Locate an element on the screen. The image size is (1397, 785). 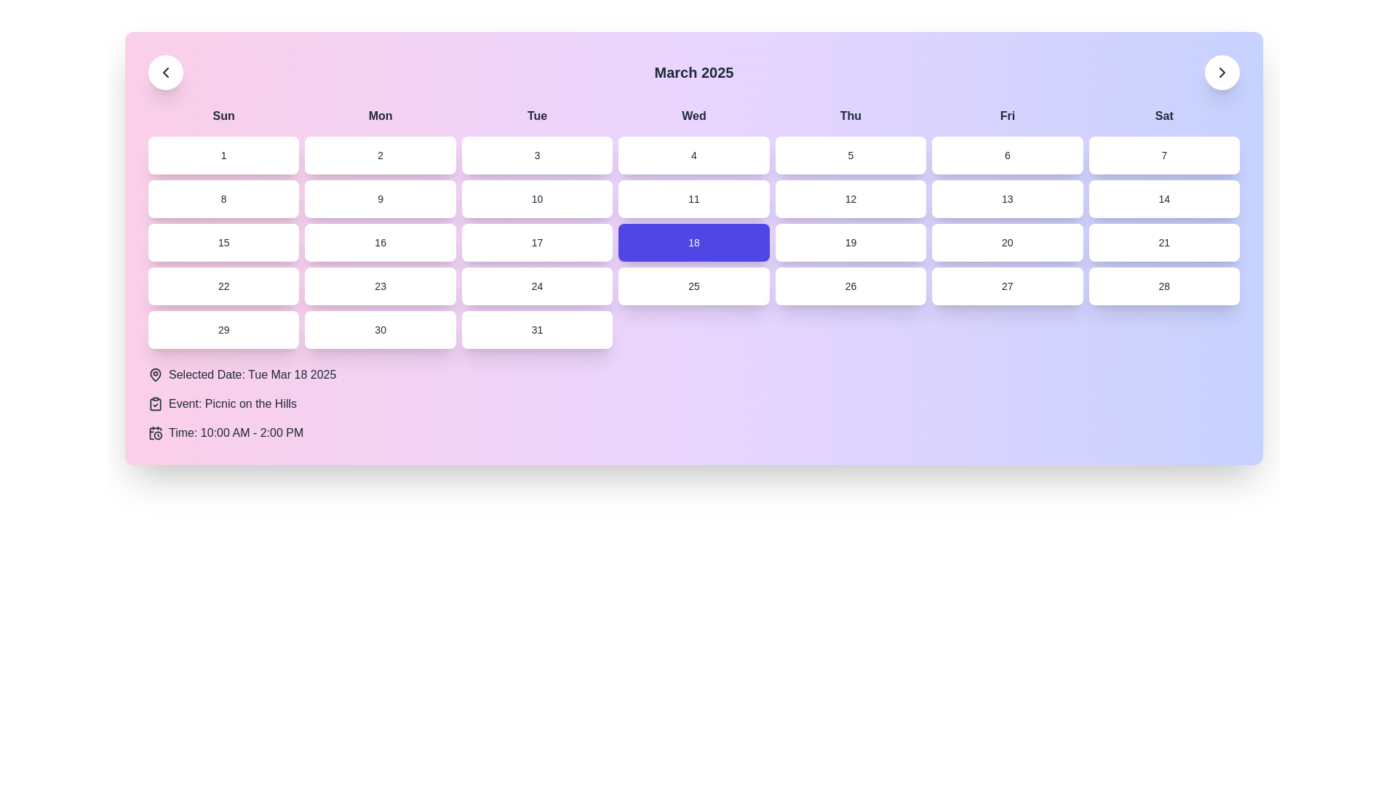
the SVG Circle element representing the 'clock face' in the time indicator icon located at the bottom left corner of the calendar interface is located at coordinates (158, 435).